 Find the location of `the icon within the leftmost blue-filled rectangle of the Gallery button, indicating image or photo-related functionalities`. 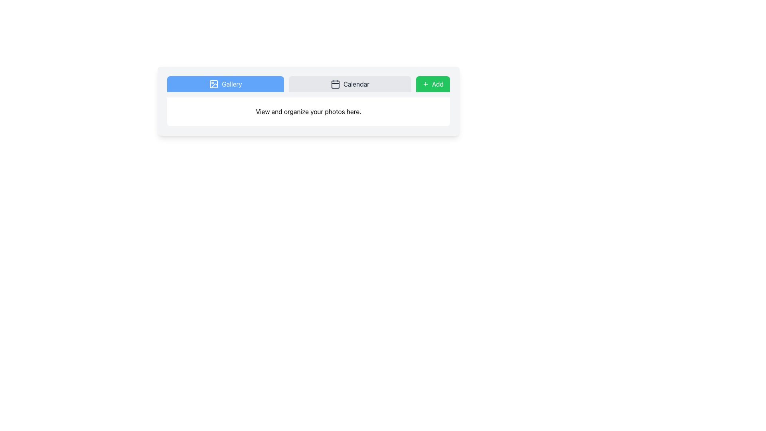

the icon within the leftmost blue-filled rectangle of the Gallery button, indicating image or photo-related functionalities is located at coordinates (214, 84).